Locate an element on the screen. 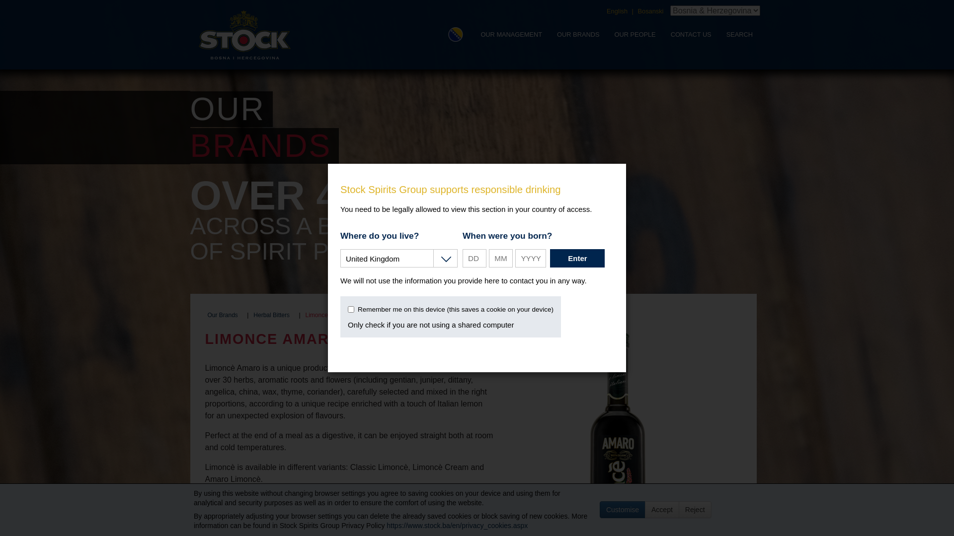  'Skip to main content' is located at coordinates (14, 14).